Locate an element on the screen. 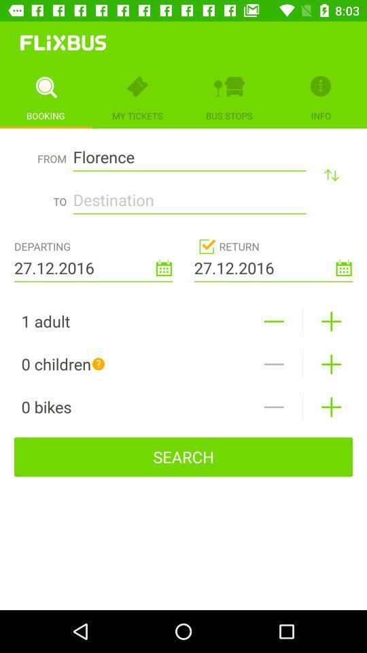 The image size is (367, 653). up or down is located at coordinates (330, 174).